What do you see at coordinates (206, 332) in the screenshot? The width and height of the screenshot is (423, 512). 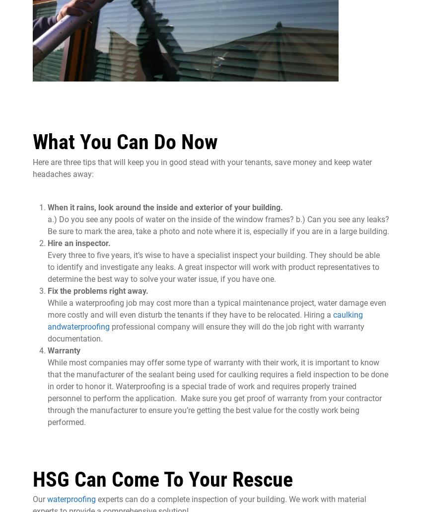 I see `'with warranty documentation.'` at bounding box center [206, 332].